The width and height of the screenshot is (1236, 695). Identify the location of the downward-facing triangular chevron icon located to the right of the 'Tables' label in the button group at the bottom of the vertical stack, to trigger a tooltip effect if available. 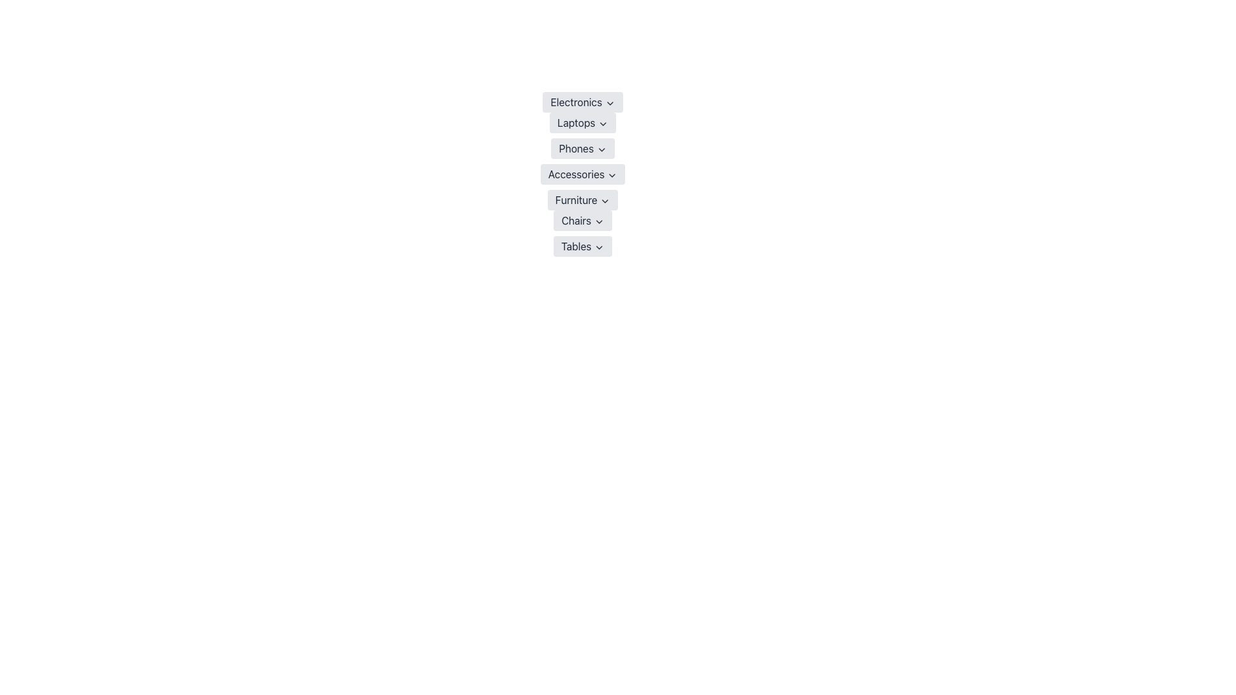
(599, 247).